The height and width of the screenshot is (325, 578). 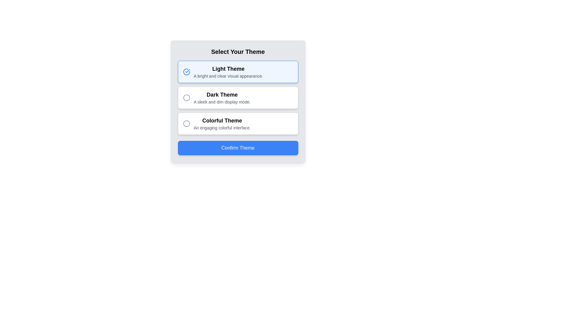 What do you see at coordinates (186, 97) in the screenshot?
I see `the Circular indicator icon` at bounding box center [186, 97].